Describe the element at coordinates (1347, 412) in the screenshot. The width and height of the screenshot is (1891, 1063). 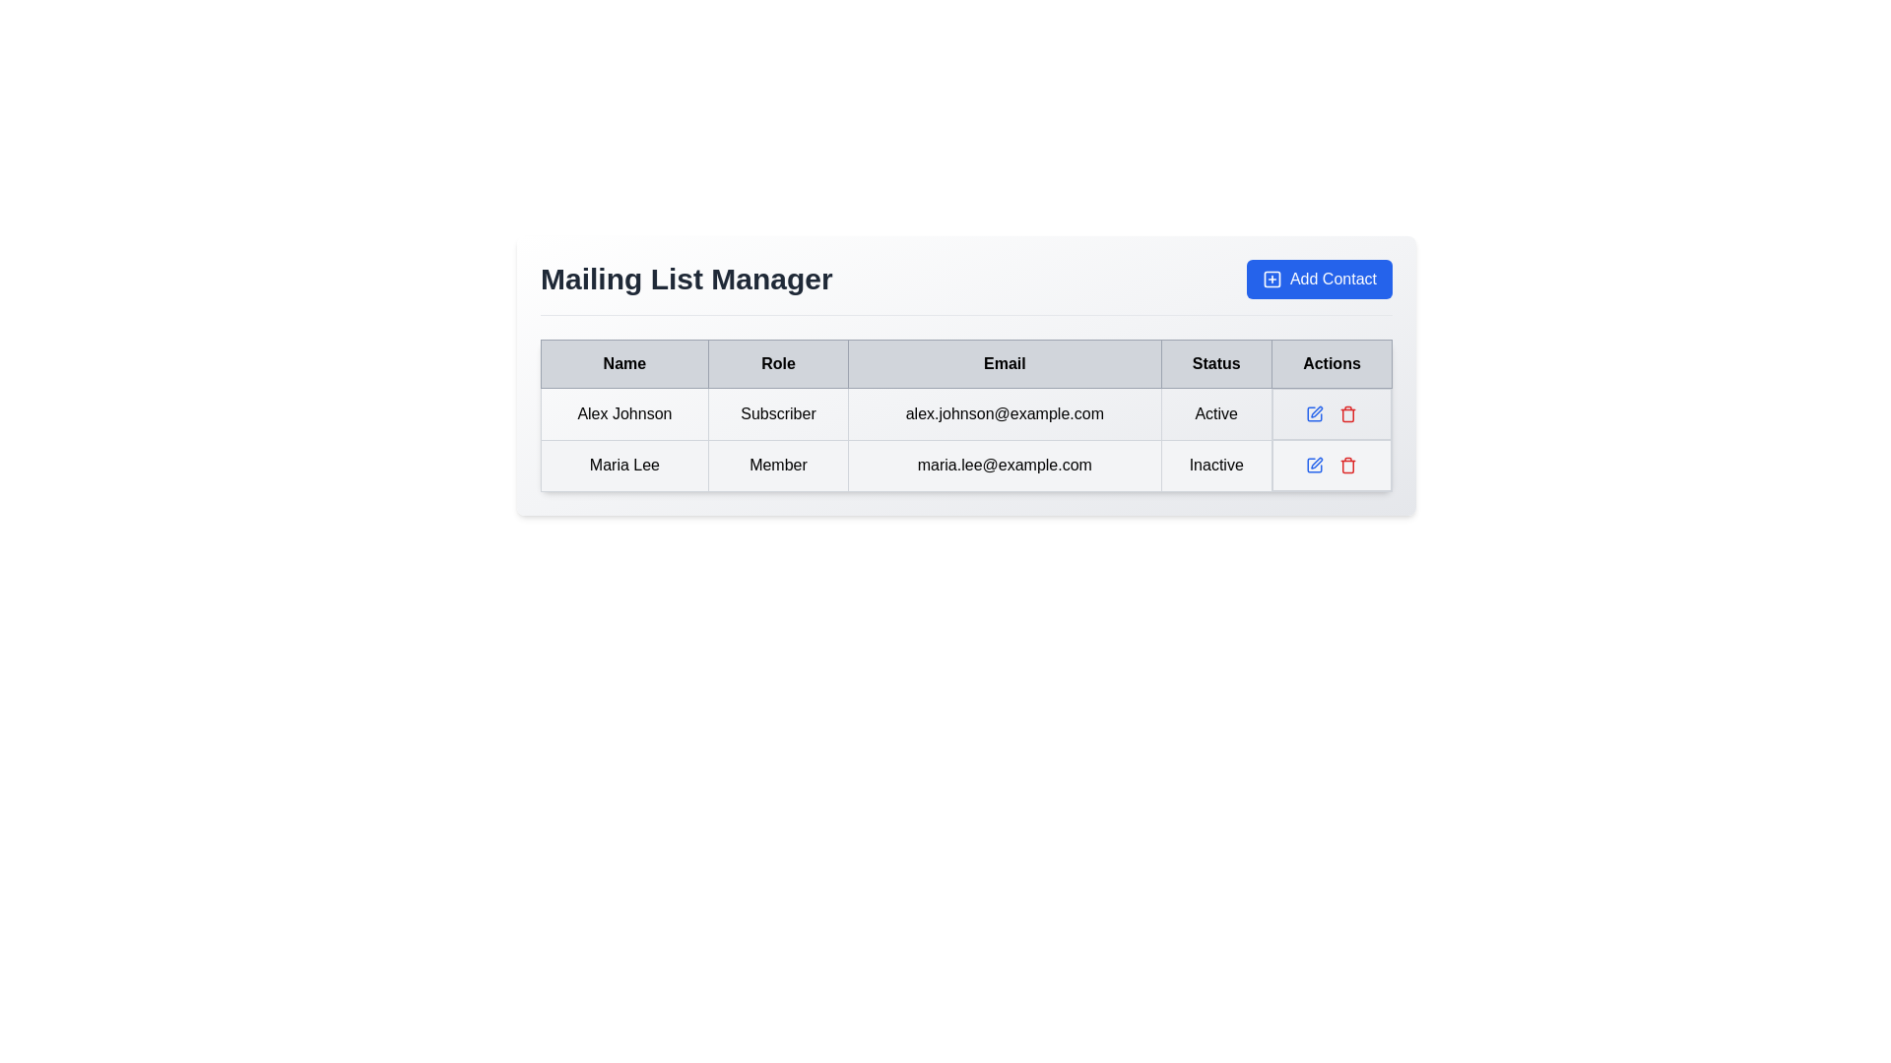
I see `the delete button in the 'Actions' column of the second row in the table` at that location.